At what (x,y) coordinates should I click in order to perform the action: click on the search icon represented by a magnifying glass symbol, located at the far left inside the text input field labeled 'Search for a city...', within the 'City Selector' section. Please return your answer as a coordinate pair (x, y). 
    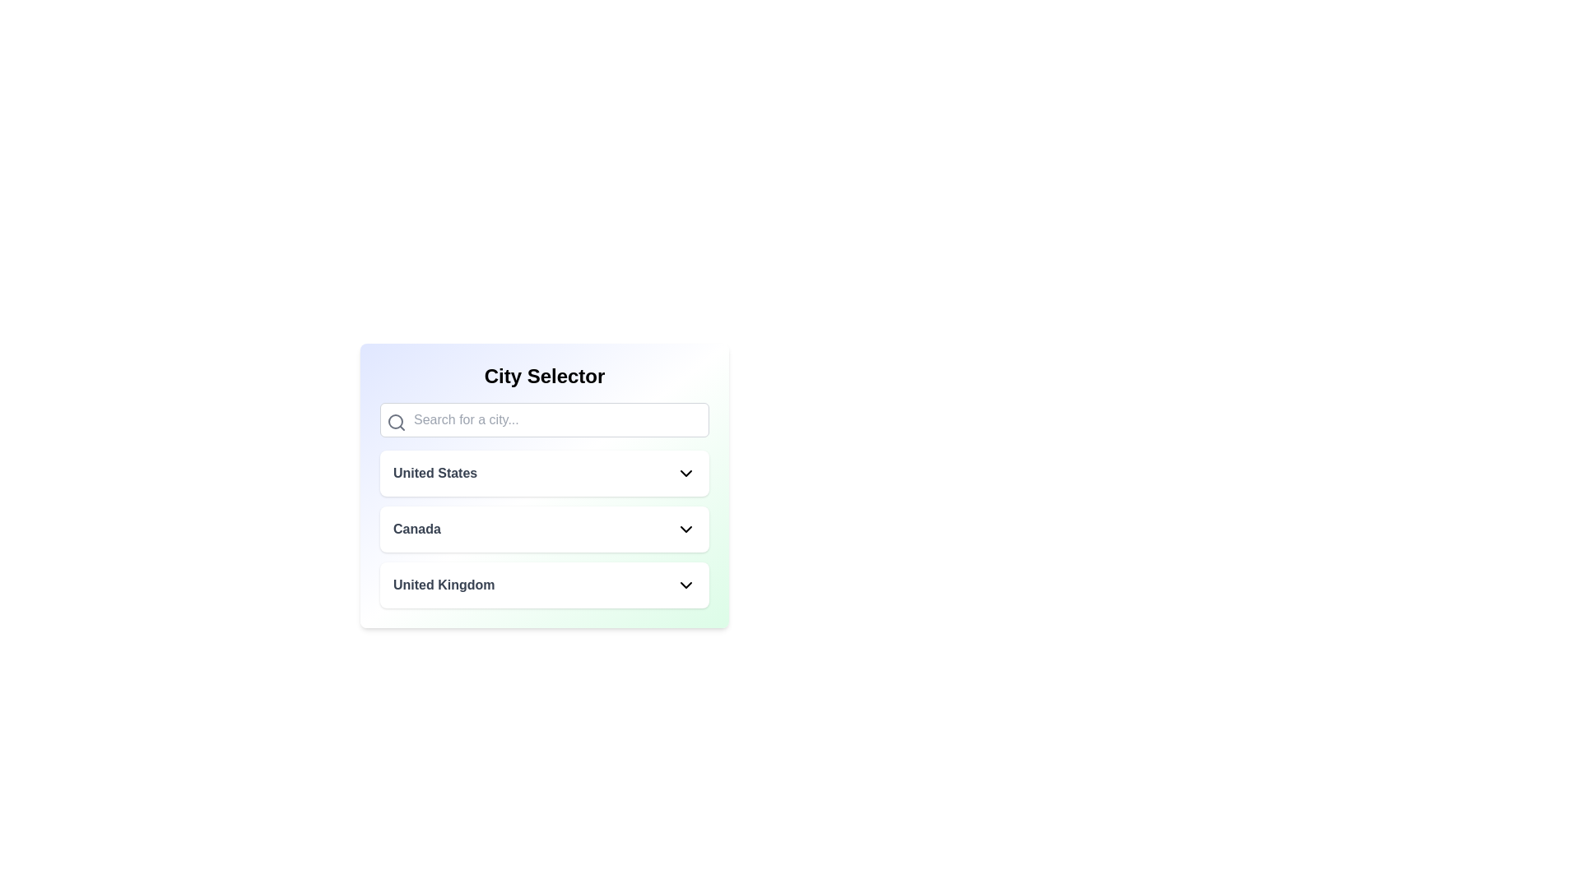
    Looking at the image, I should click on (396, 421).